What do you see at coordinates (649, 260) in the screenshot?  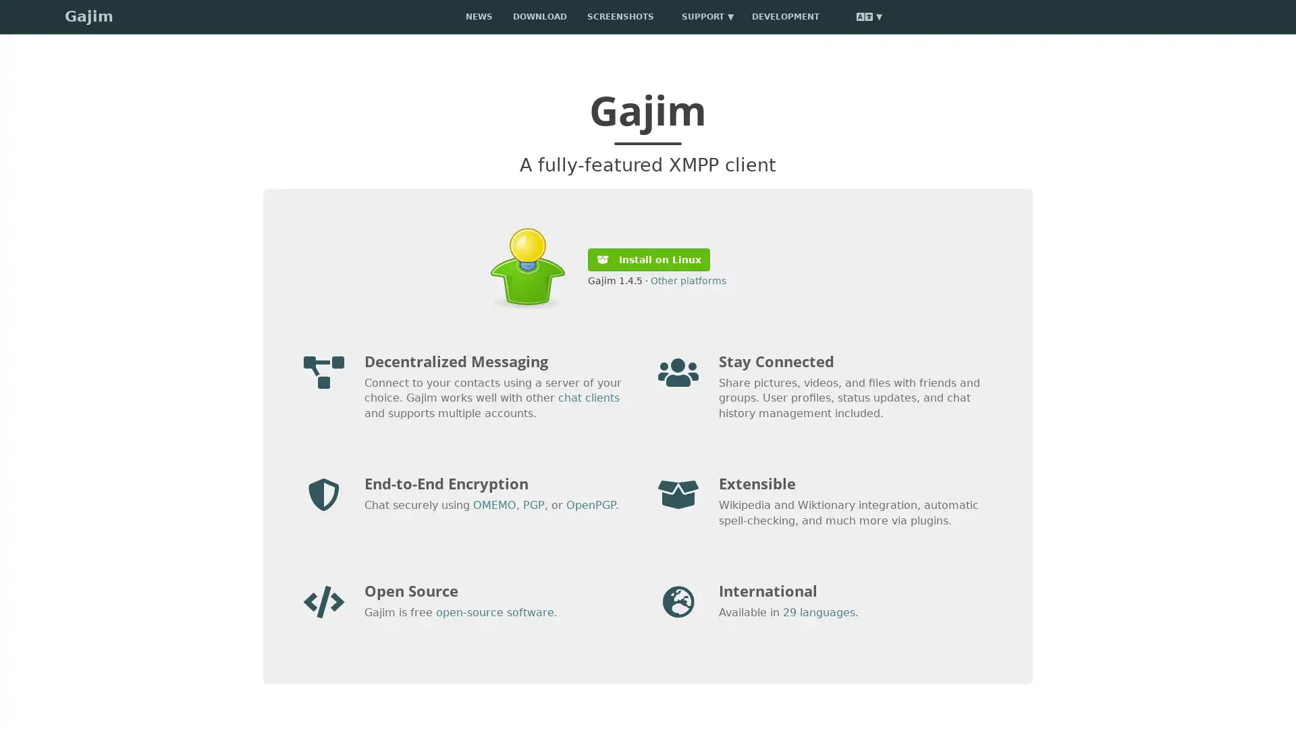 I see `Install on Linux` at bounding box center [649, 260].